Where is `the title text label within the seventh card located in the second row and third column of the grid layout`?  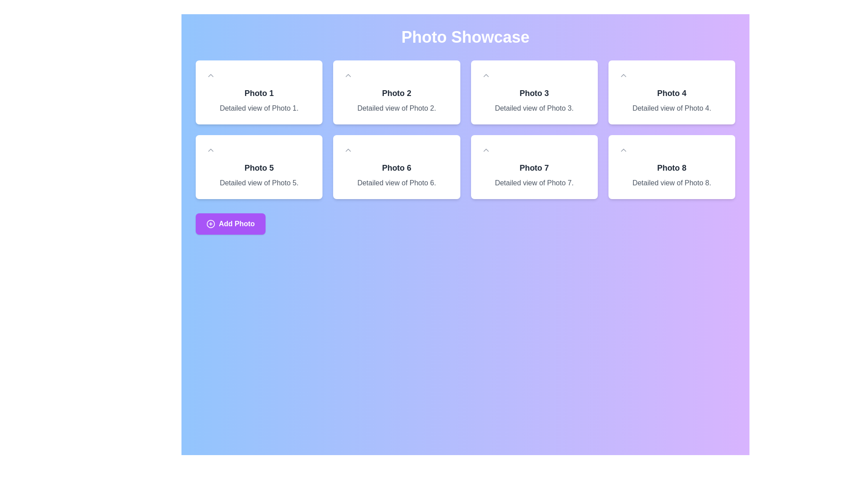 the title text label within the seventh card located in the second row and third column of the grid layout is located at coordinates (534, 168).